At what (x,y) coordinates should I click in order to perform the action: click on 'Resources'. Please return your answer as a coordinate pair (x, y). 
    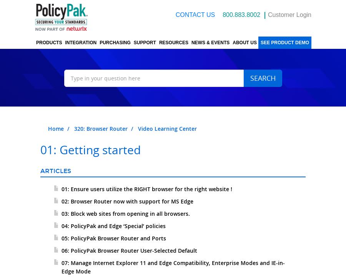
    Looking at the image, I should click on (173, 43).